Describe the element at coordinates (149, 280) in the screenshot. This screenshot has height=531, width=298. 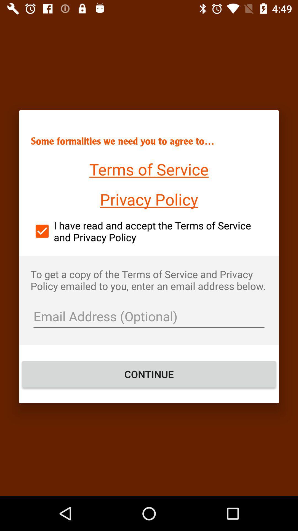
I see `to get a` at that location.